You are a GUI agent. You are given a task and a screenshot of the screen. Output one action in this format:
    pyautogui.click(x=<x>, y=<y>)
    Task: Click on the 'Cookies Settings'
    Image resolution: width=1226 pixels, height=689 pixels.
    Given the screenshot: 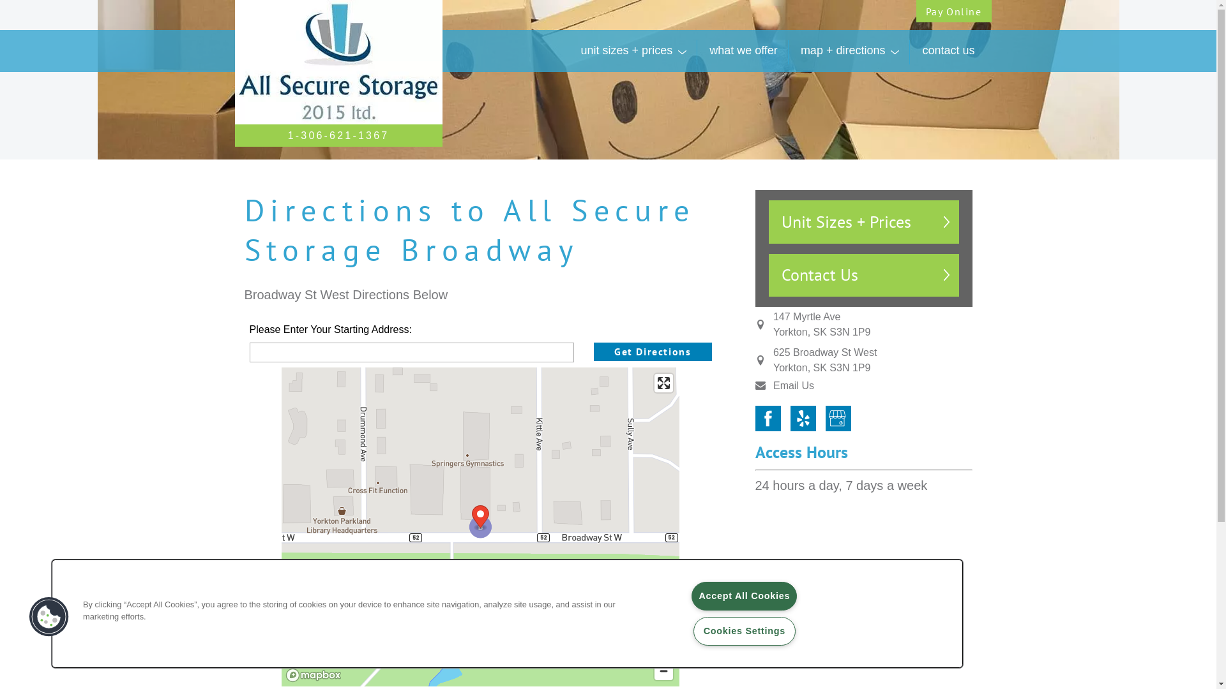 What is the action you would take?
    pyautogui.click(x=745, y=630)
    